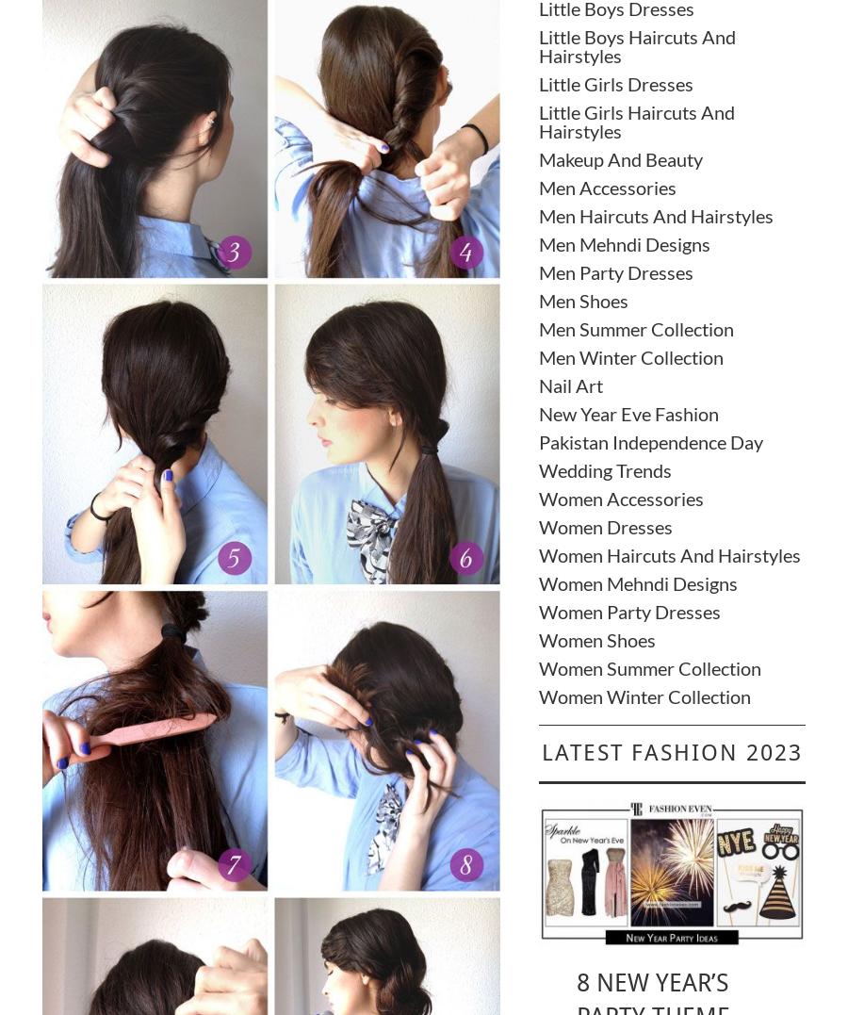 This screenshot has width=848, height=1015. Describe the element at coordinates (620, 497) in the screenshot. I see `'Women Accessories'` at that location.